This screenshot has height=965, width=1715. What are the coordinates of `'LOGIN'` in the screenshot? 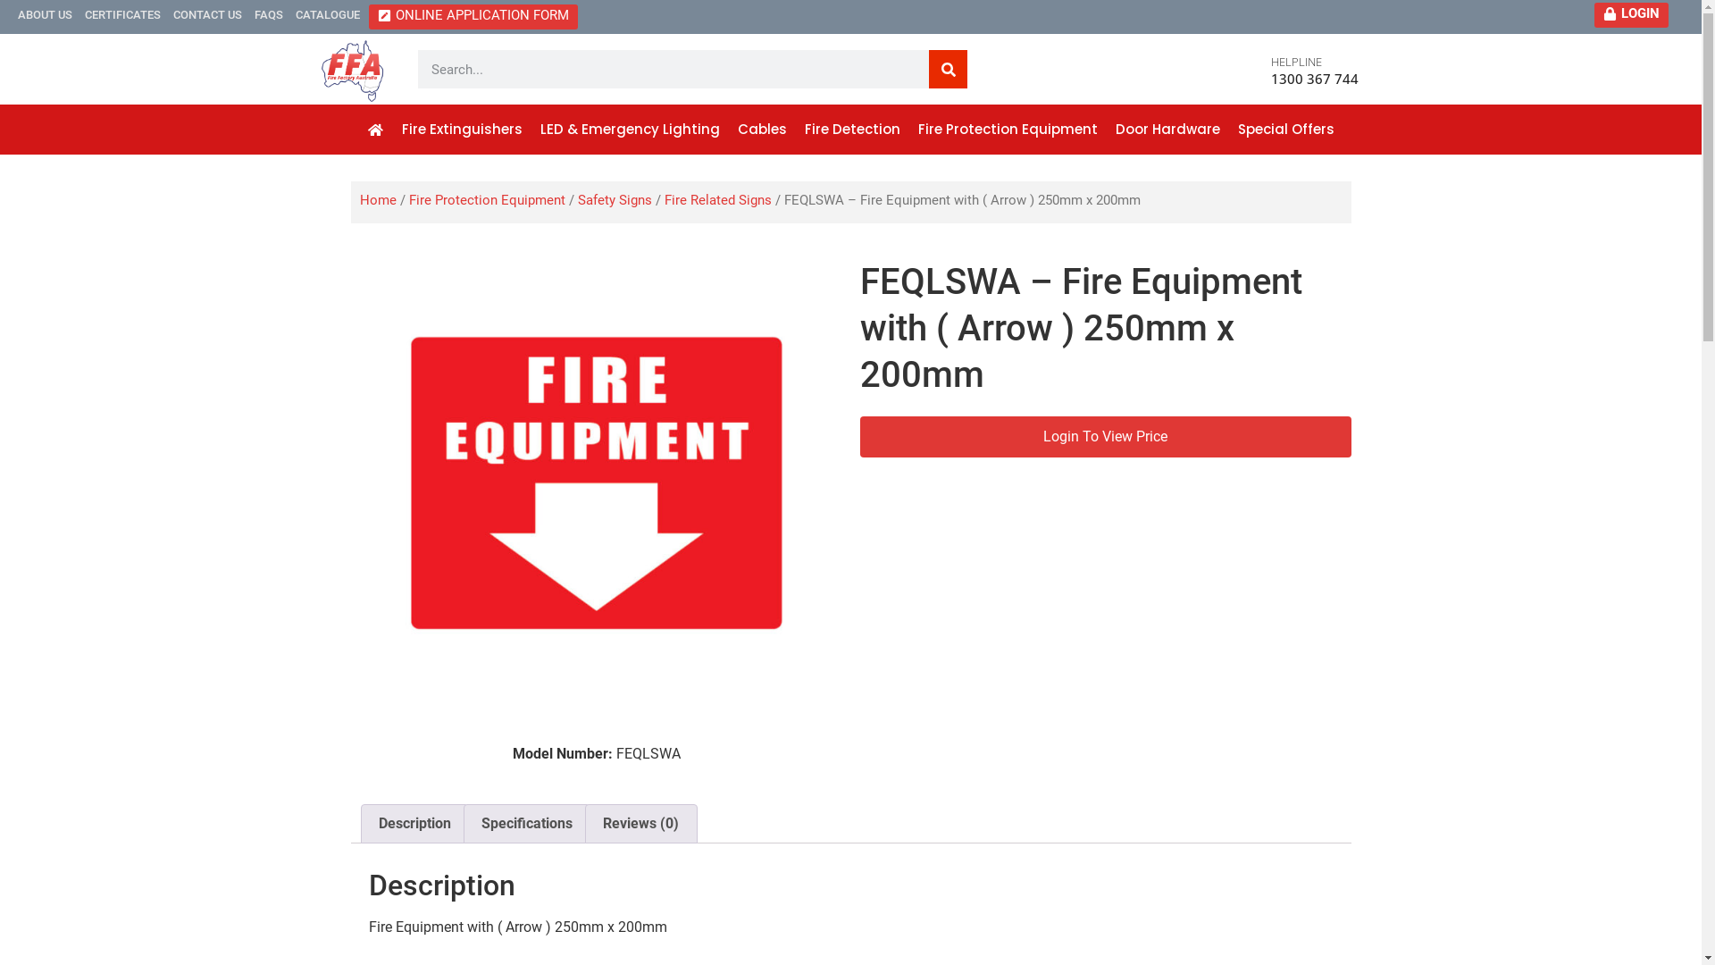 It's located at (1631, 13).